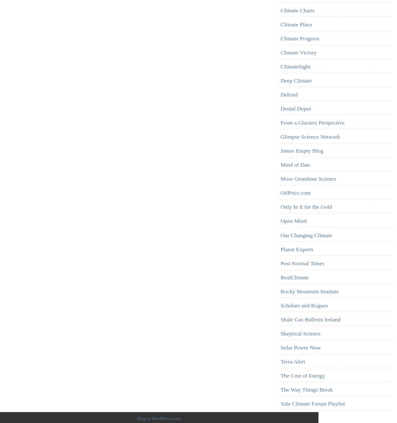 The image size is (397, 423). Describe the element at coordinates (280, 150) in the screenshot. I see `'James Empty Blog'` at that location.